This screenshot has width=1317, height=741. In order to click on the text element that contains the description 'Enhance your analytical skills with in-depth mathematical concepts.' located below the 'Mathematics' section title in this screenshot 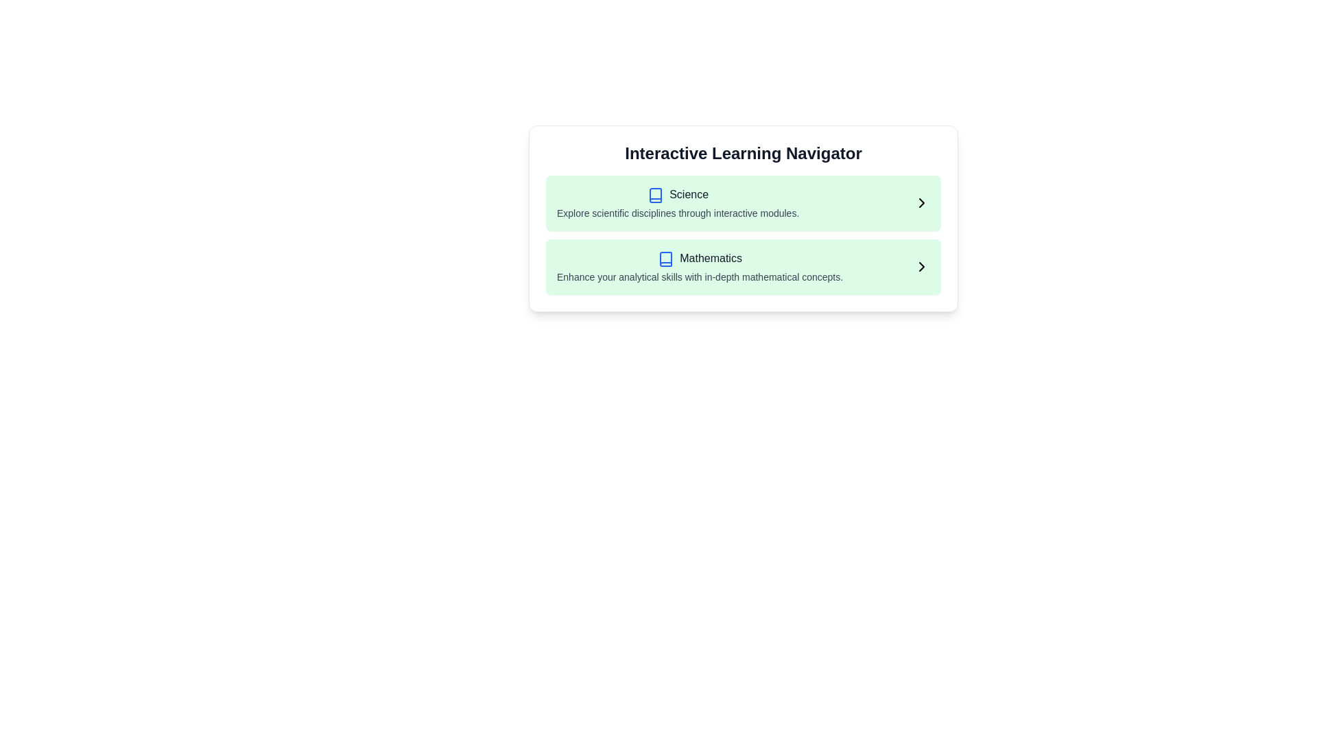, I will do `click(700, 277)`.